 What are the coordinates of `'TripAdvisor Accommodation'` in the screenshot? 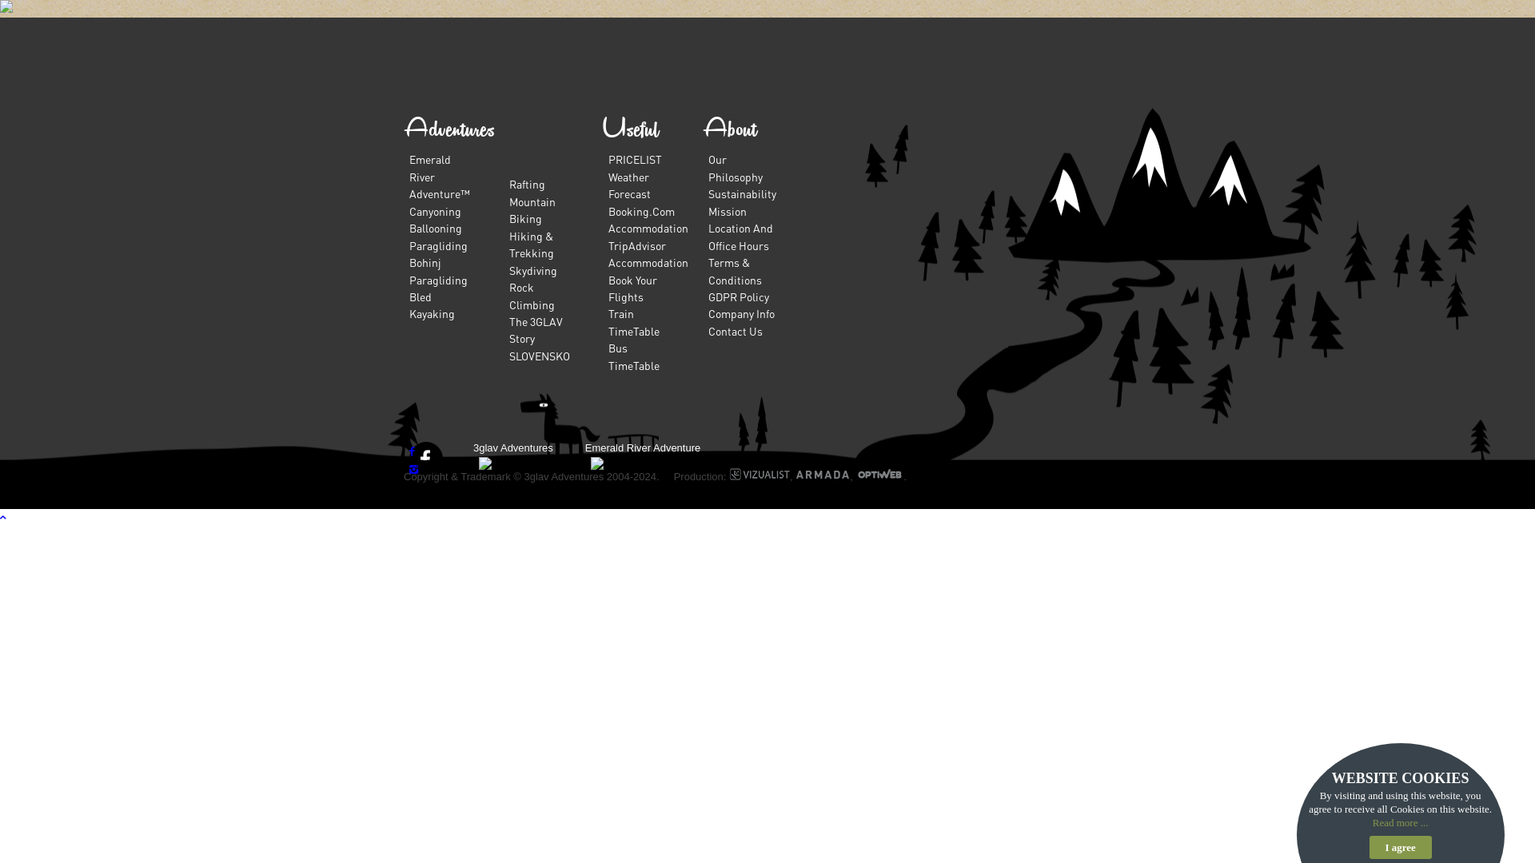 It's located at (648, 253).